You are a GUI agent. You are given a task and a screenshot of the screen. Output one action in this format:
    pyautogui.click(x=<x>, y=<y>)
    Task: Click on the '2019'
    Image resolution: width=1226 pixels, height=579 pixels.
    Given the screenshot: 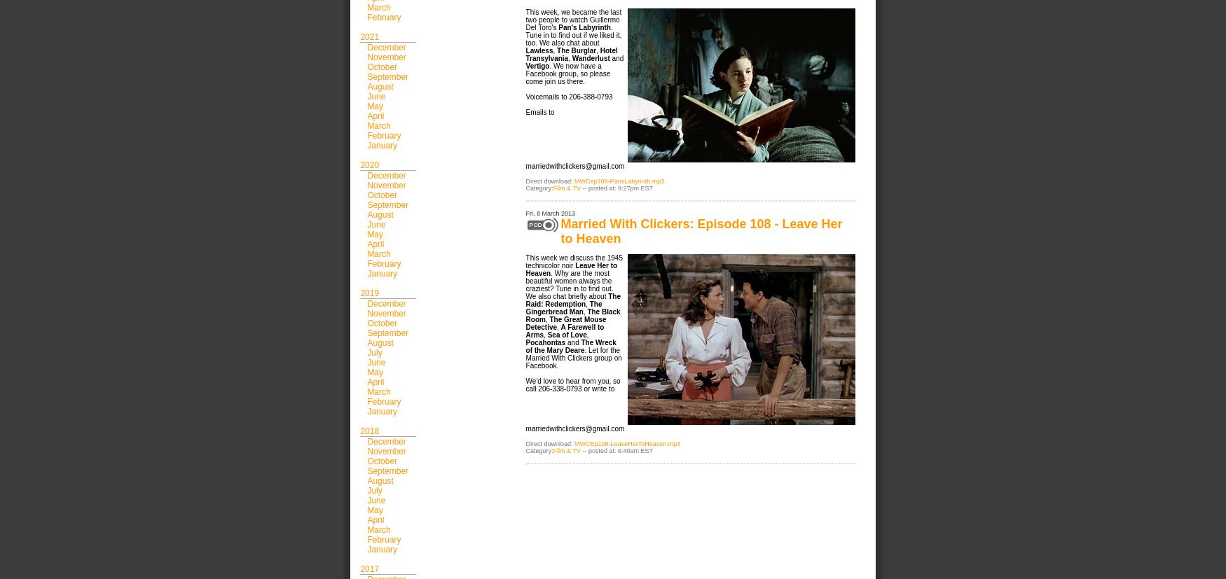 What is the action you would take?
    pyautogui.click(x=369, y=291)
    